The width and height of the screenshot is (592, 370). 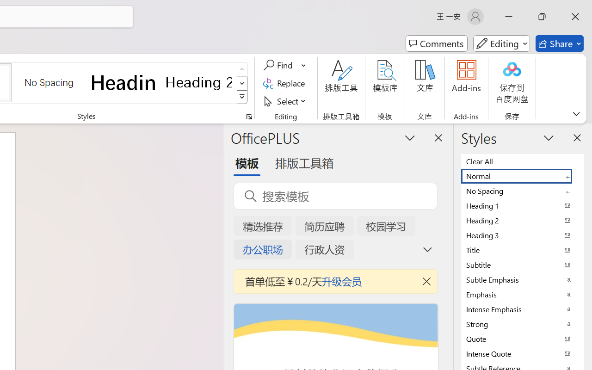 What do you see at coordinates (523, 309) in the screenshot?
I see `'Intense Emphasis'` at bounding box center [523, 309].